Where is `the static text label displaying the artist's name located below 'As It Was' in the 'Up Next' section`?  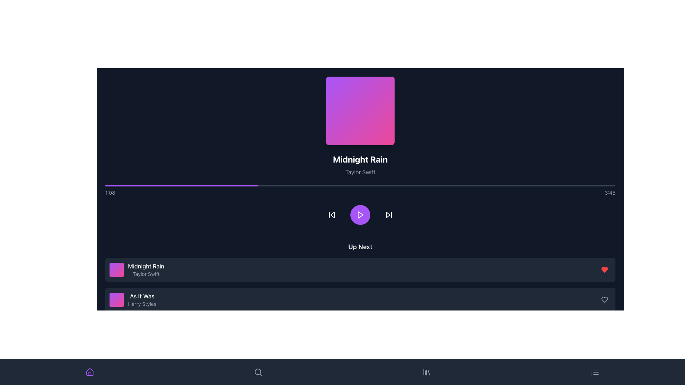 the static text label displaying the artist's name located below 'As It Was' in the 'Up Next' section is located at coordinates (142, 304).